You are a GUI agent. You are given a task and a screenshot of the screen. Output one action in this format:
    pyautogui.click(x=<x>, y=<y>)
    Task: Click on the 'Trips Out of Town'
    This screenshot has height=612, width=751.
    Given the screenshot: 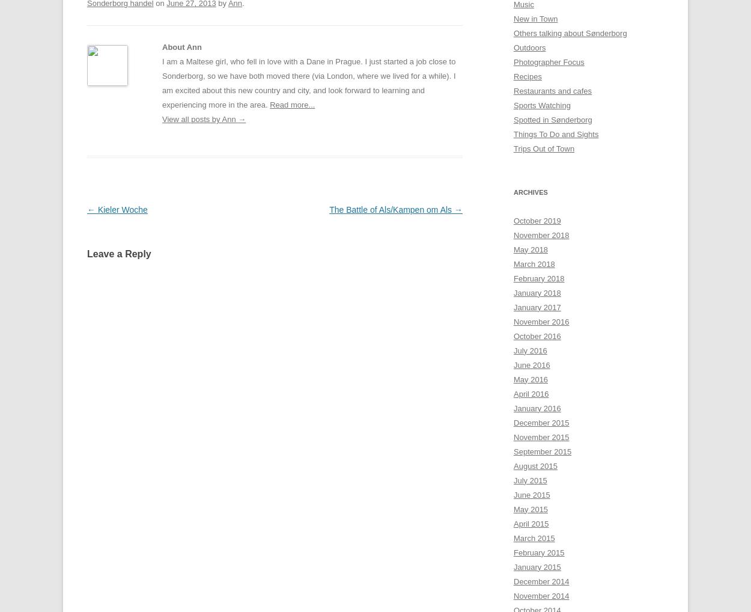 What is the action you would take?
    pyautogui.click(x=513, y=147)
    